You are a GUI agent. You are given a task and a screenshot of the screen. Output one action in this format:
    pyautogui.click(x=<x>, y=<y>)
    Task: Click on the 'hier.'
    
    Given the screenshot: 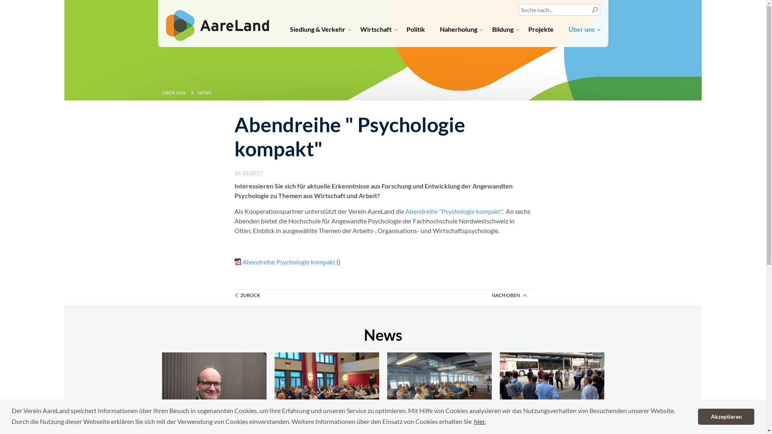 What is the action you would take?
    pyautogui.click(x=480, y=421)
    